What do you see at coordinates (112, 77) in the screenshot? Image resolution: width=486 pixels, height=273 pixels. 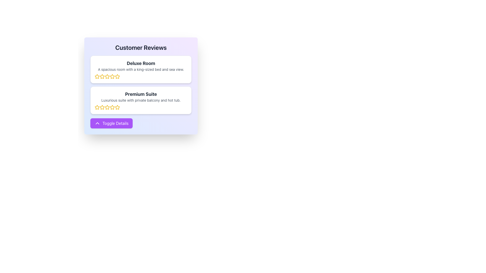 I see `the fifth star icon in yellow color within the review section of the 'Deluxe Room' to rate it` at bounding box center [112, 77].